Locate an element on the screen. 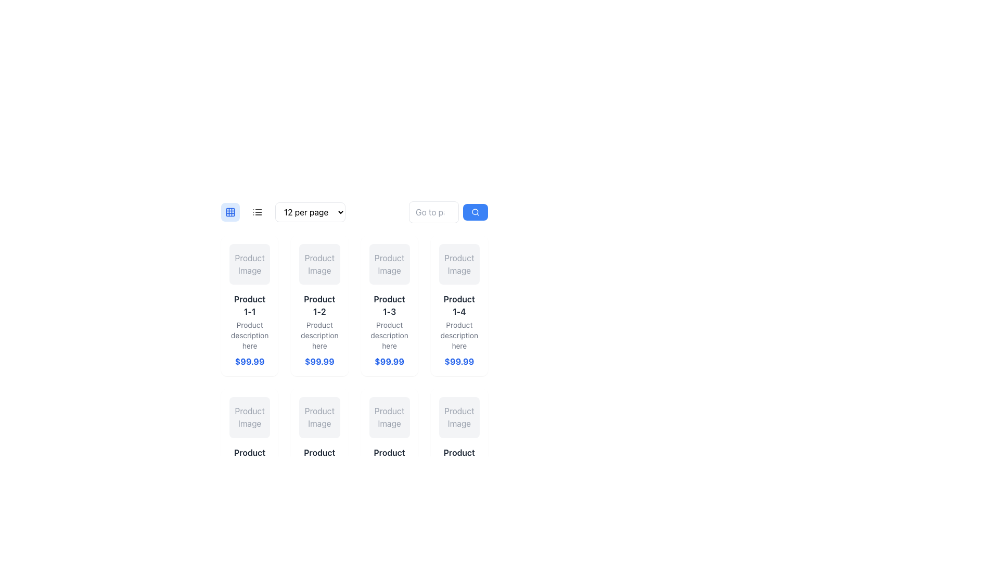  the square grid icon, which is styled in blue and located on the left side of the toolbar near the top-left corner is located at coordinates (229, 212).